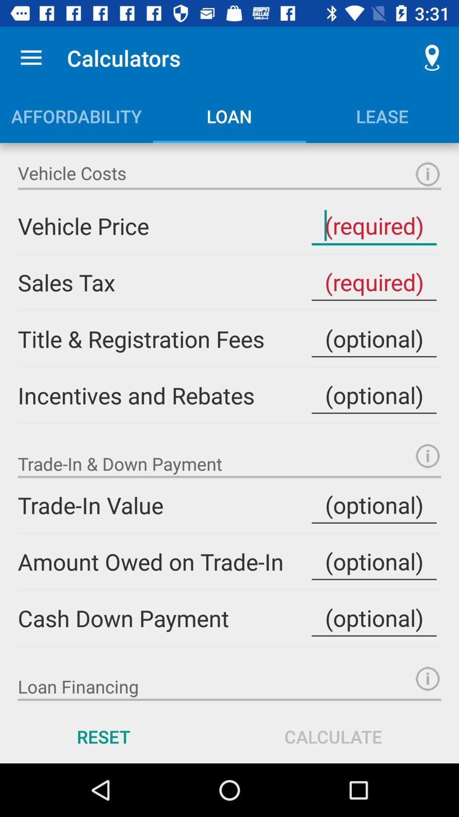 This screenshot has height=817, width=459. What do you see at coordinates (374, 282) in the screenshot?
I see `sales tax` at bounding box center [374, 282].